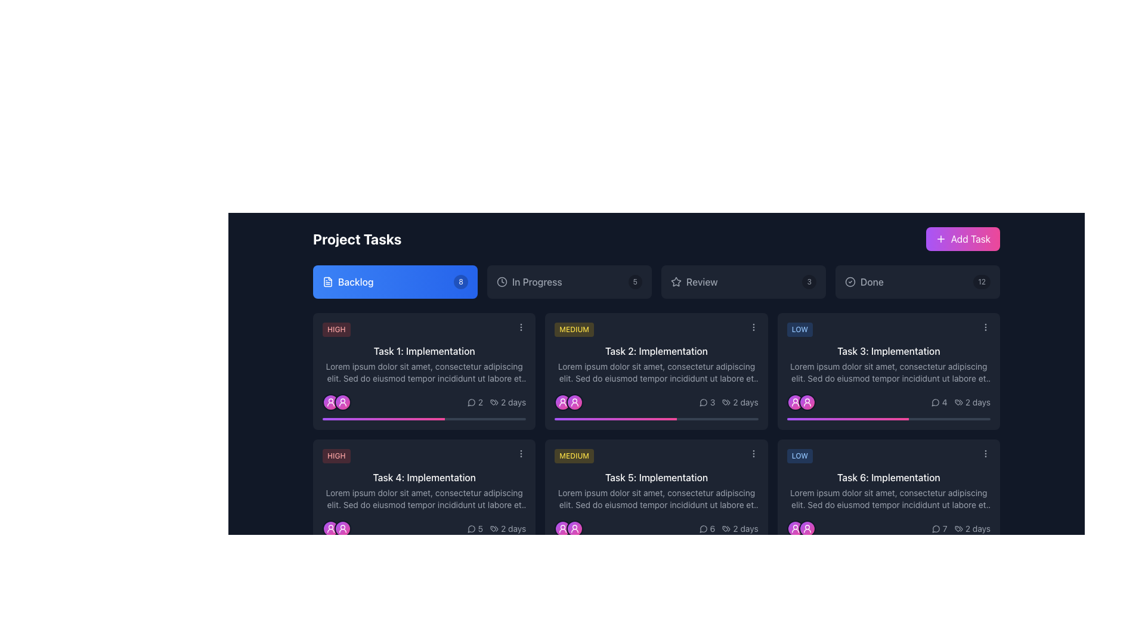 This screenshot has width=1145, height=644. What do you see at coordinates (655, 371) in the screenshot?
I see `the 'Task 2: Implementation' card` at bounding box center [655, 371].